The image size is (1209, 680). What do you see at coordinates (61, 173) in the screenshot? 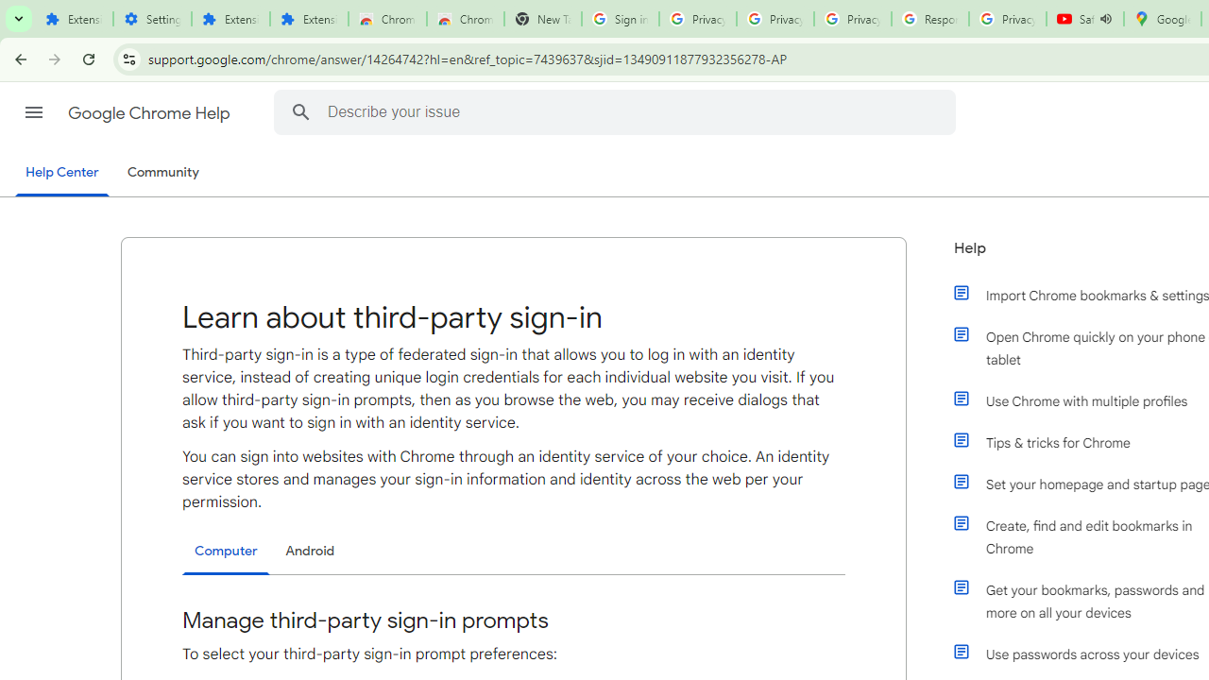
I see `'Help Center'` at bounding box center [61, 173].